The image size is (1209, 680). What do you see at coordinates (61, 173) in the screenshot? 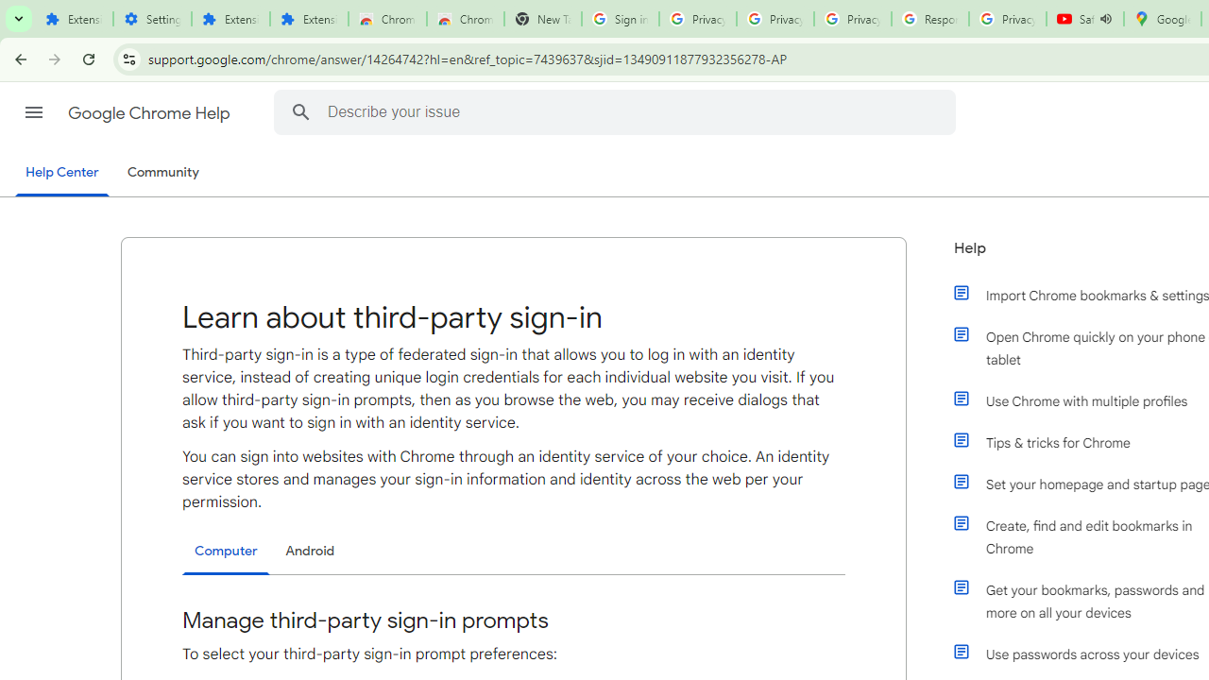
I see `'Help Center'` at bounding box center [61, 173].